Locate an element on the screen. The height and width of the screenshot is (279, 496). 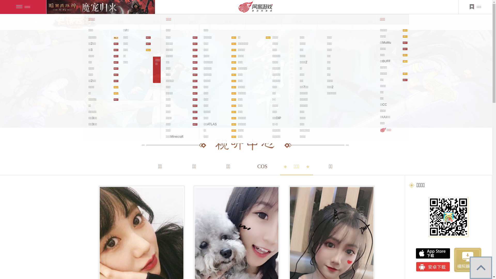
'COS' is located at coordinates (262, 166).